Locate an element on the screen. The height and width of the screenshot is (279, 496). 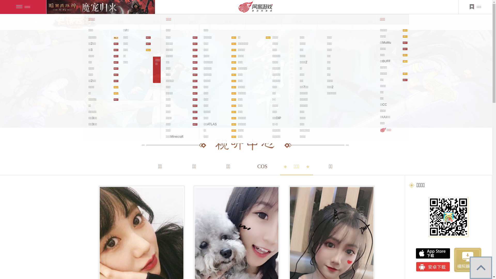
'COS' is located at coordinates (262, 166).